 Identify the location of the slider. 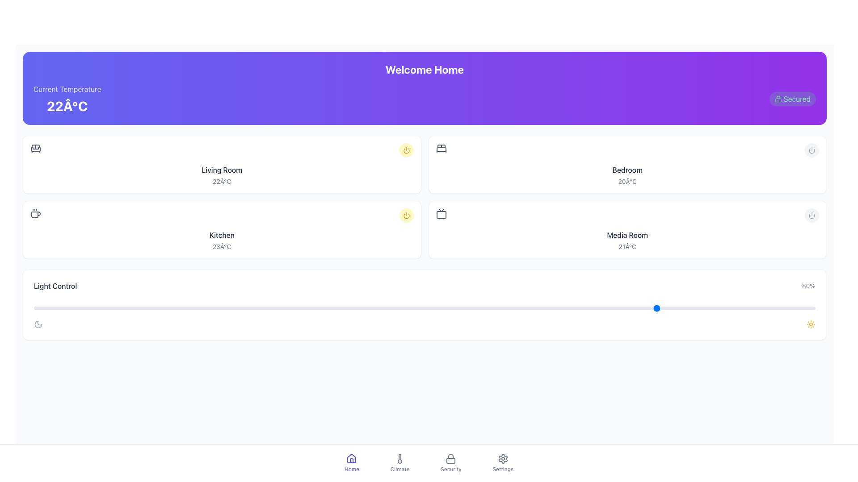
(526, 307).